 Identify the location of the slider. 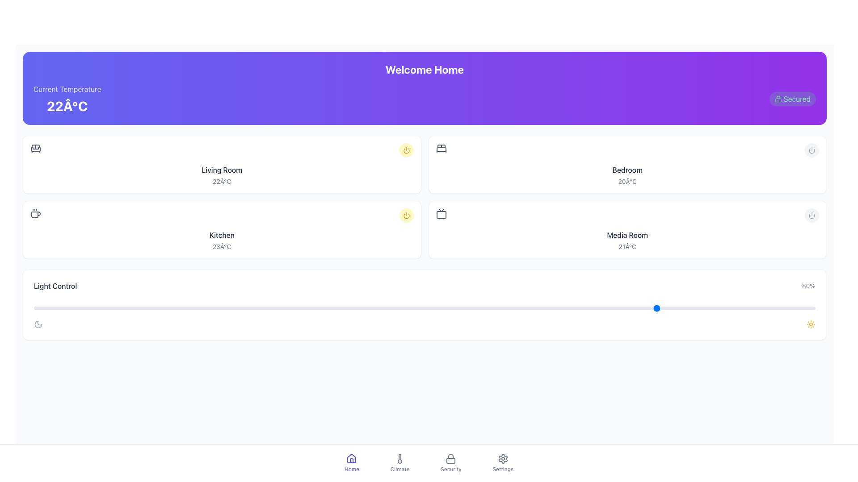
(526, 307).